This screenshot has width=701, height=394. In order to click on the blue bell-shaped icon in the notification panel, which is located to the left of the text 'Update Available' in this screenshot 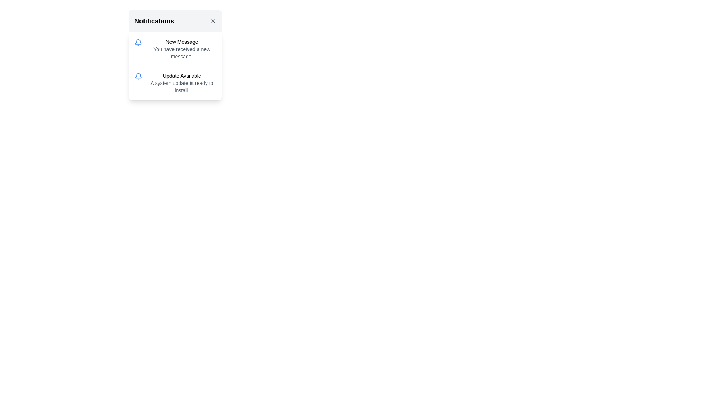, I will do `click(138, 42)`.